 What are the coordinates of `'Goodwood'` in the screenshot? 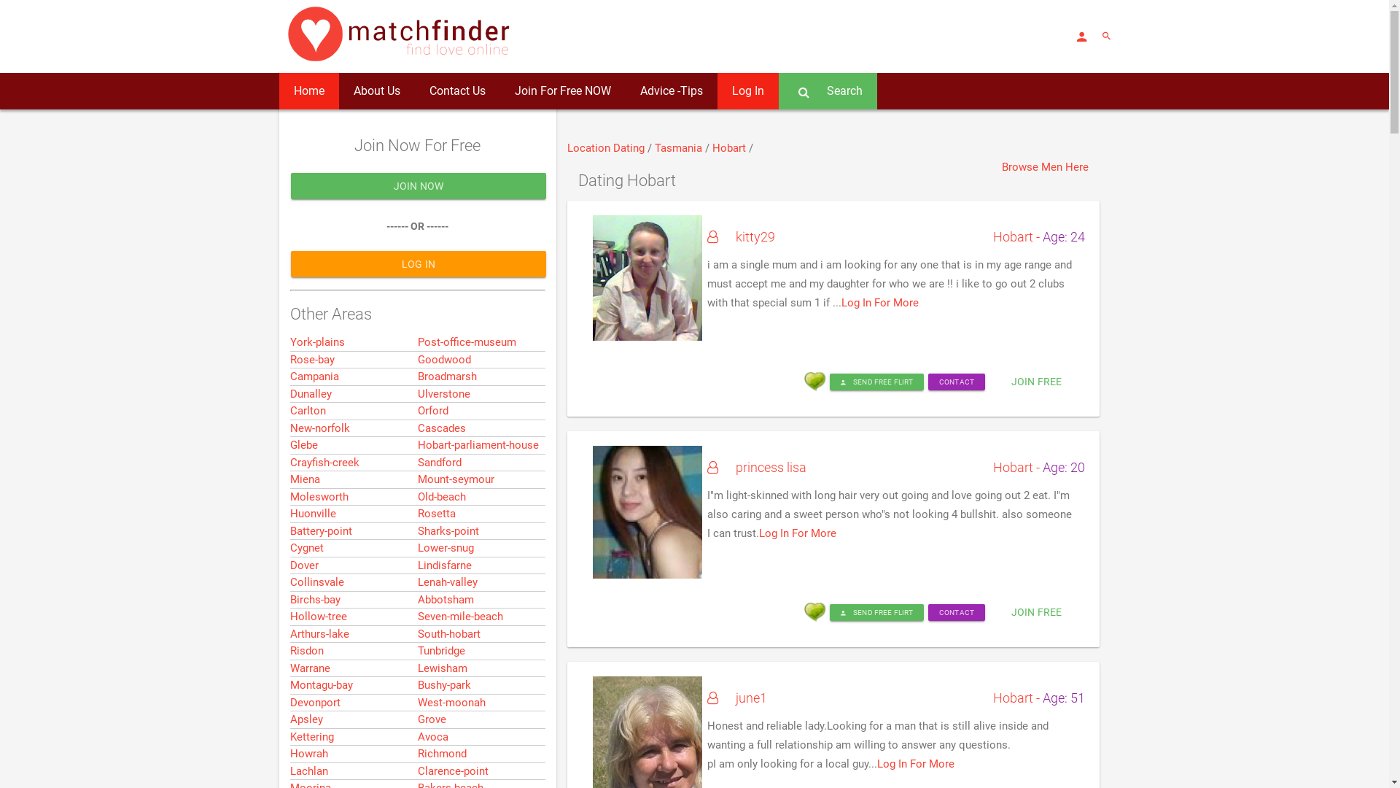 It's located at (416, 360).